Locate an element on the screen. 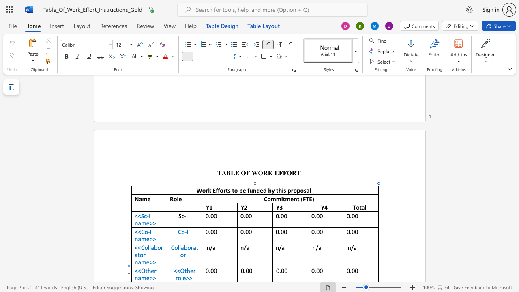 This screenshot has height=292, width=519. the space between the continuous character "h" and "e" in the text is located at coordinates (189, 271).